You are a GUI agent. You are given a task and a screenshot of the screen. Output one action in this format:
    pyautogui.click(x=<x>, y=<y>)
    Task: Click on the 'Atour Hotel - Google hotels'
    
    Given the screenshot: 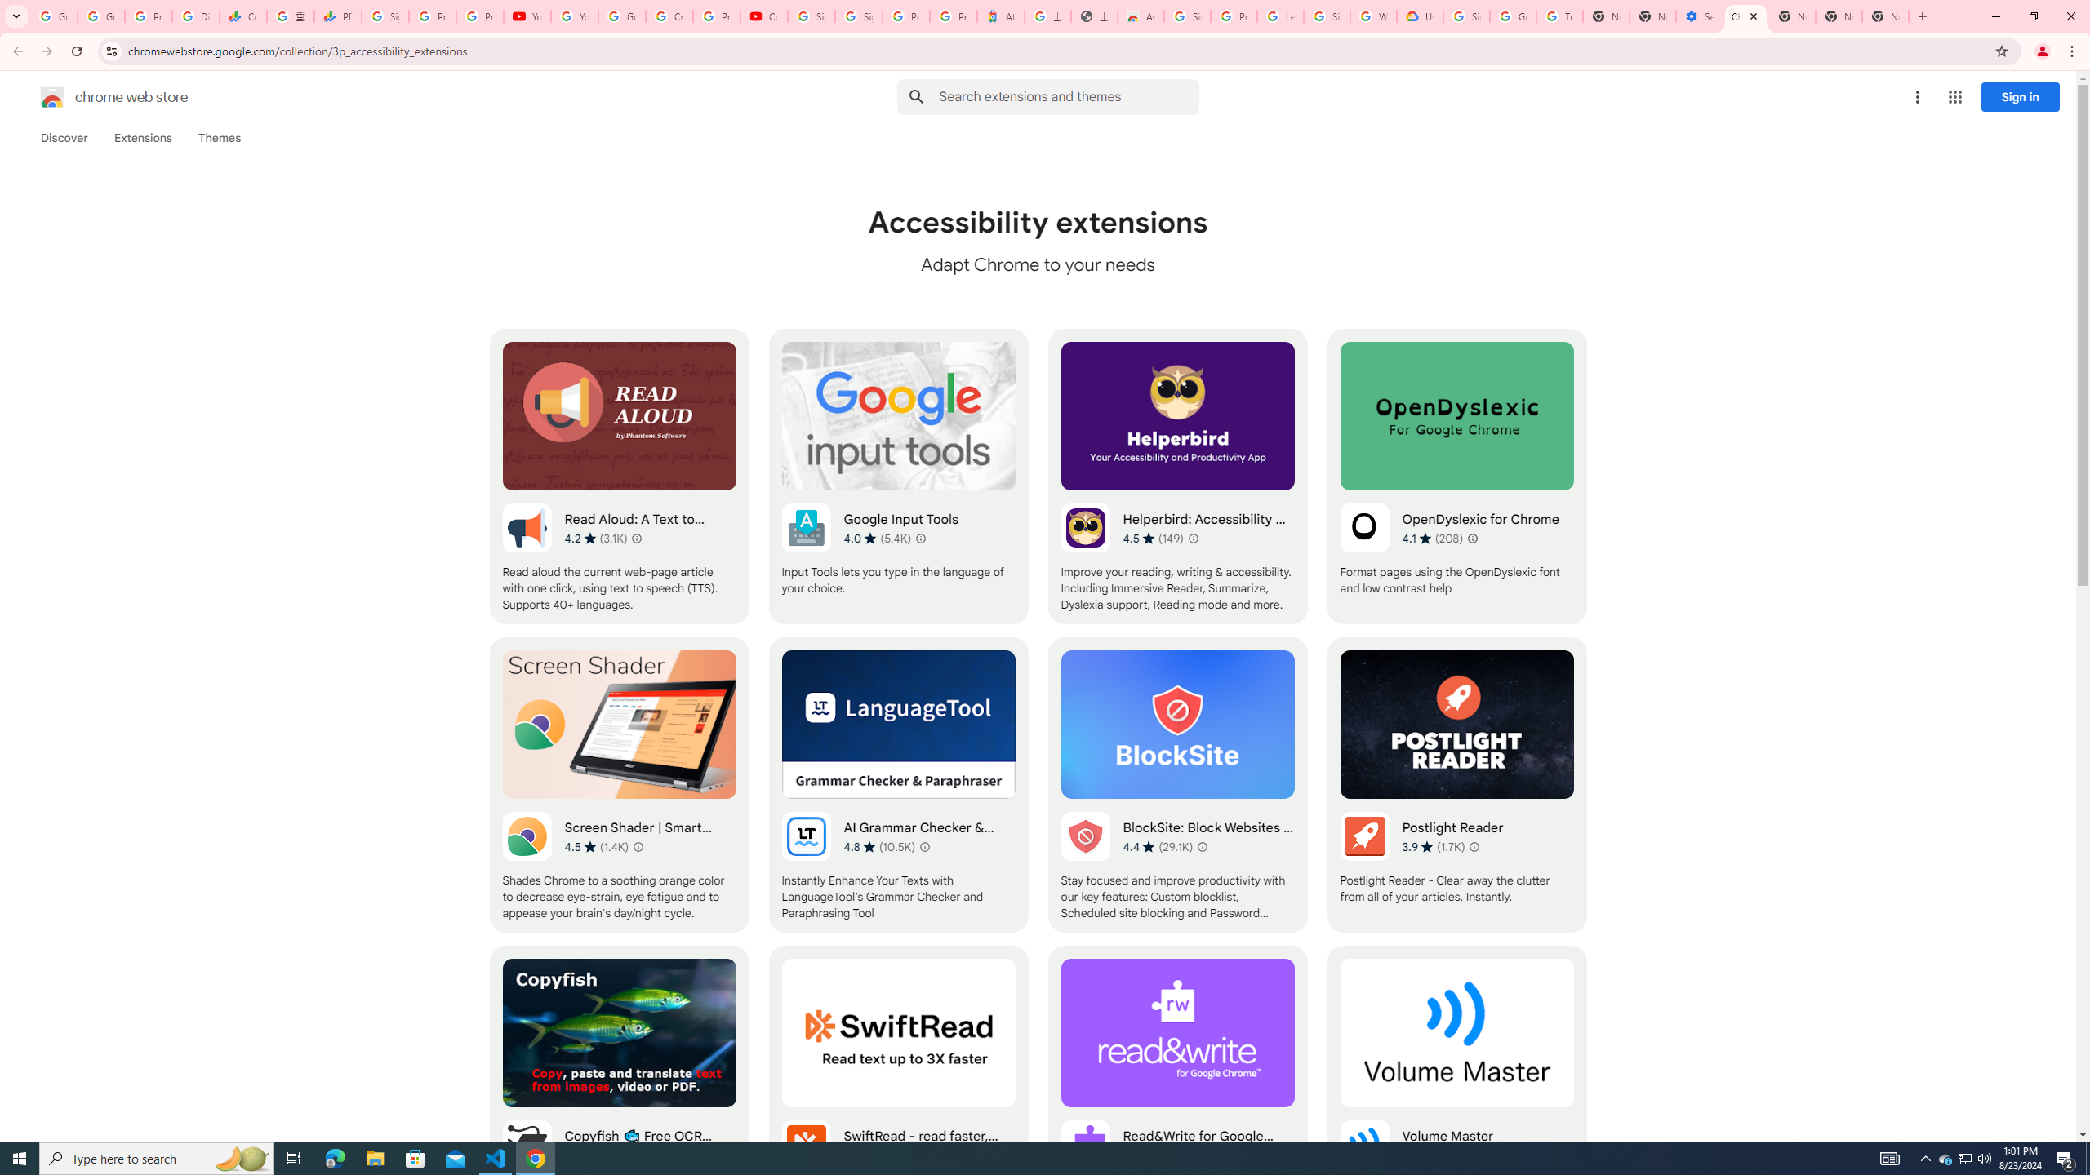 What is the action you would take?
    pyautogui.click(x=1001, y=16)
    